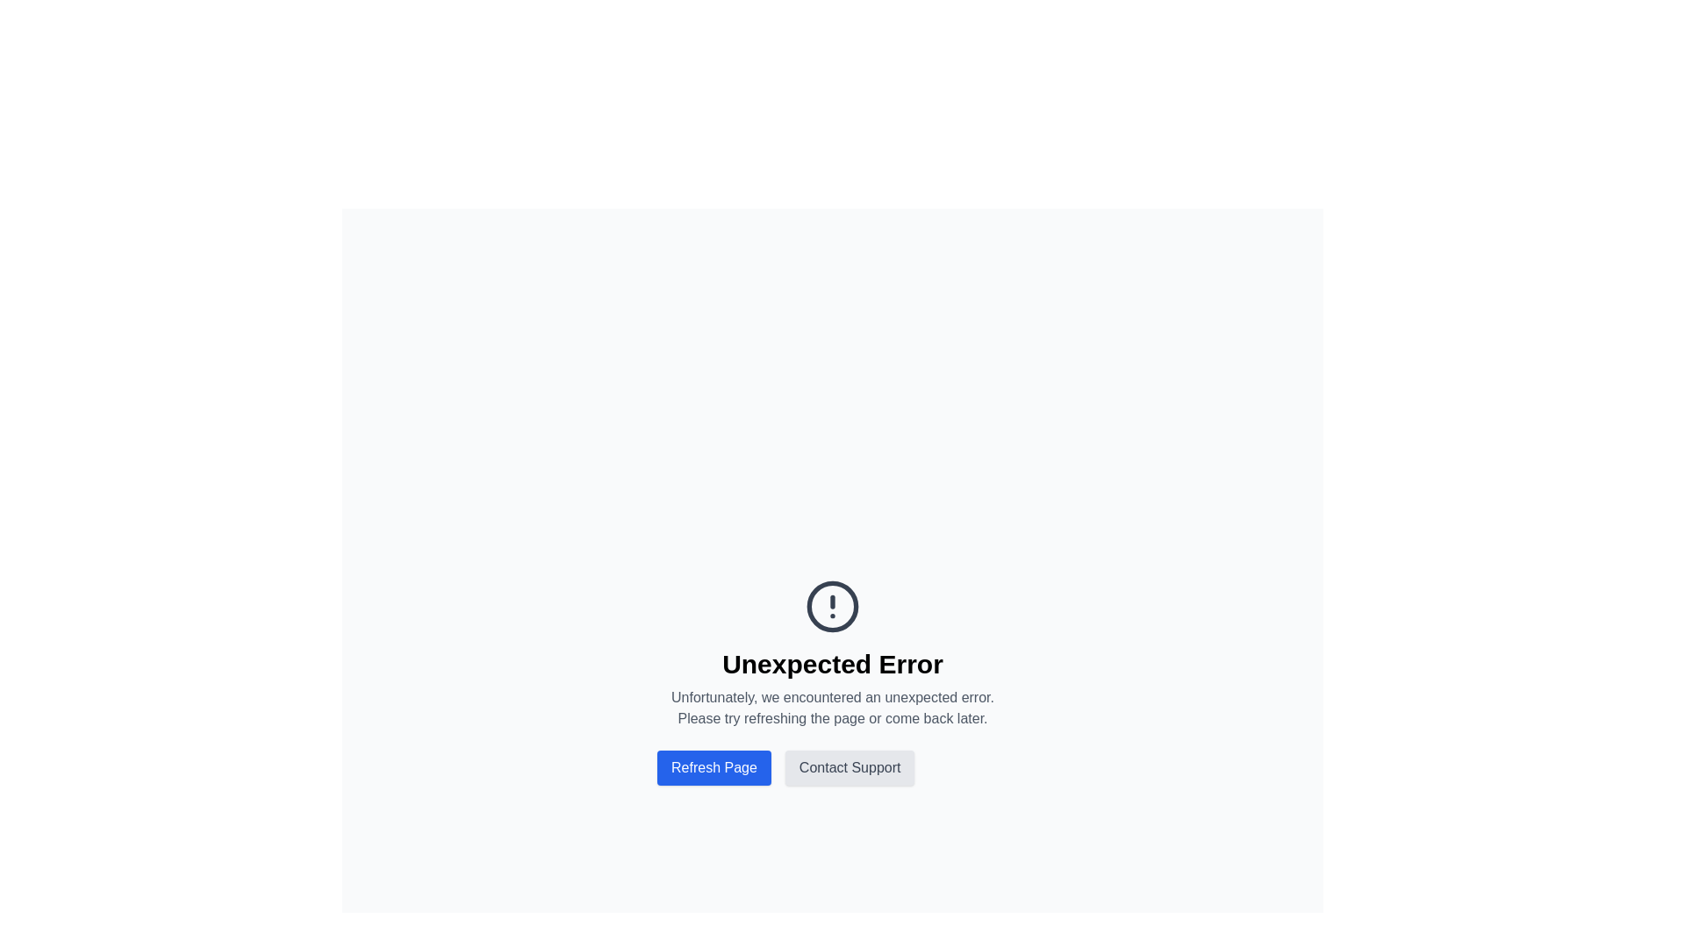 This screenshot has width=1685, height=947. I want to click on the support contact button, which is located to the right of the 'Refresh Page' button, so click(850, 766).